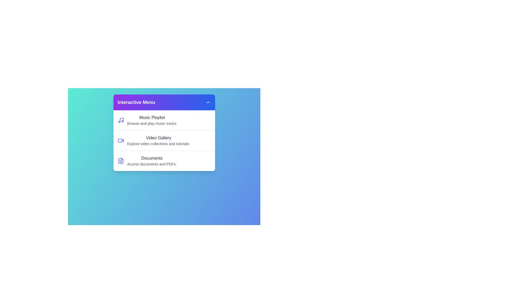 This screenshot has width=508, height=285. What do you see at coordinates (164, 160) in the screenshot?
I see `the menu item Documents` at bounding box center [164, 160].